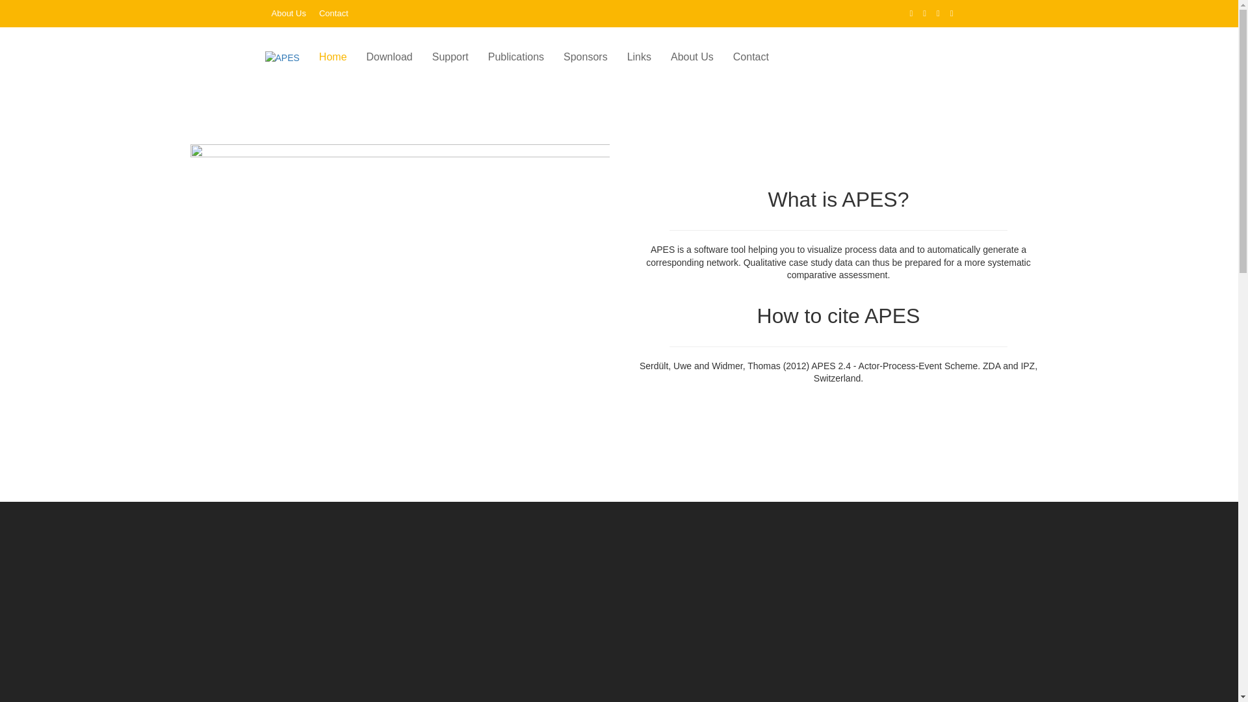 The width and height of the screenshot is (1248, 702). I want to click on 'About Us', so click(288, 13).